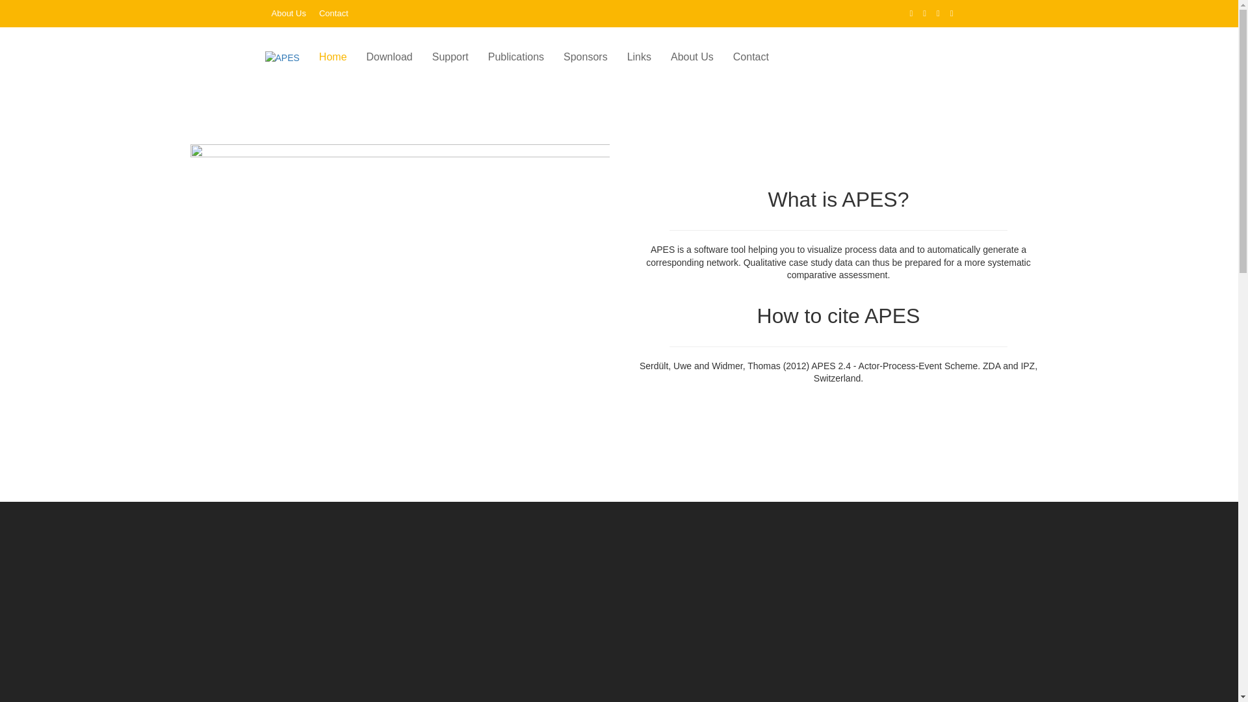 The width and height of the screenshot is (1248, 702). I want to click on 'About Us', so click(288, 13).